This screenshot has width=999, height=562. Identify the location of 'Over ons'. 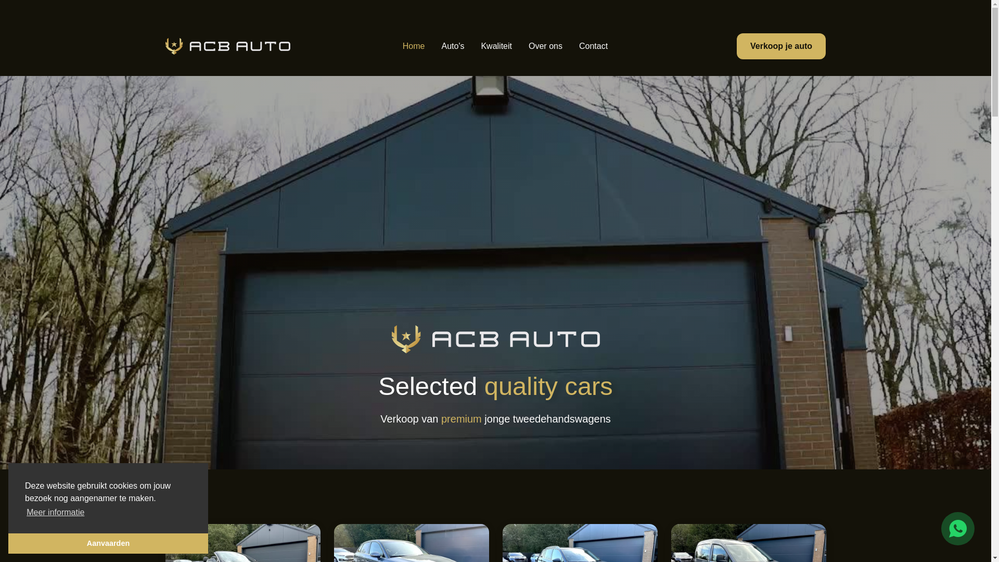
(545, 45).